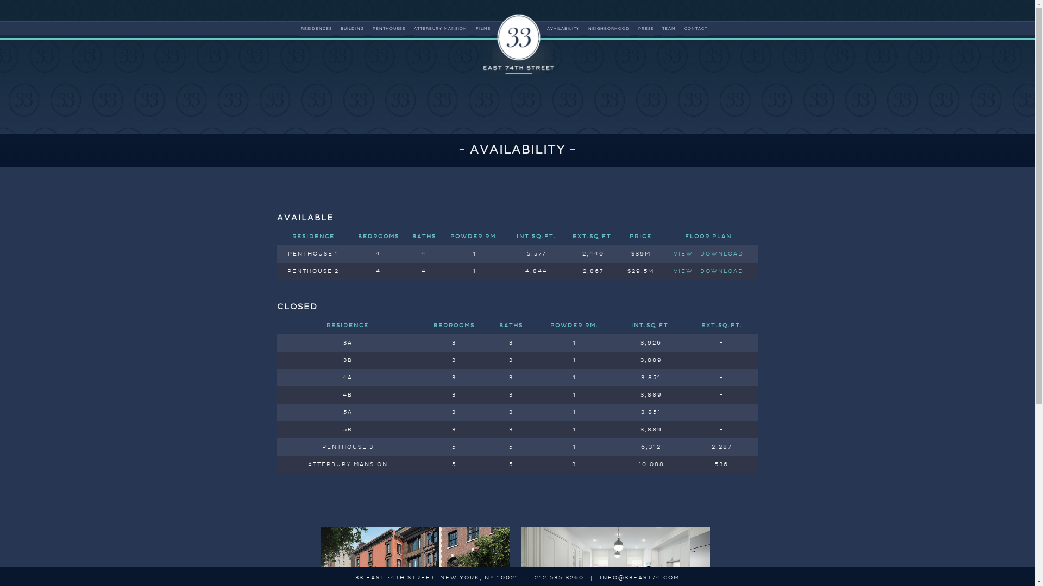  Describe the element at coordinates (722, 271) in the screenshot. I see `'DOWNLOAD'` at that location.